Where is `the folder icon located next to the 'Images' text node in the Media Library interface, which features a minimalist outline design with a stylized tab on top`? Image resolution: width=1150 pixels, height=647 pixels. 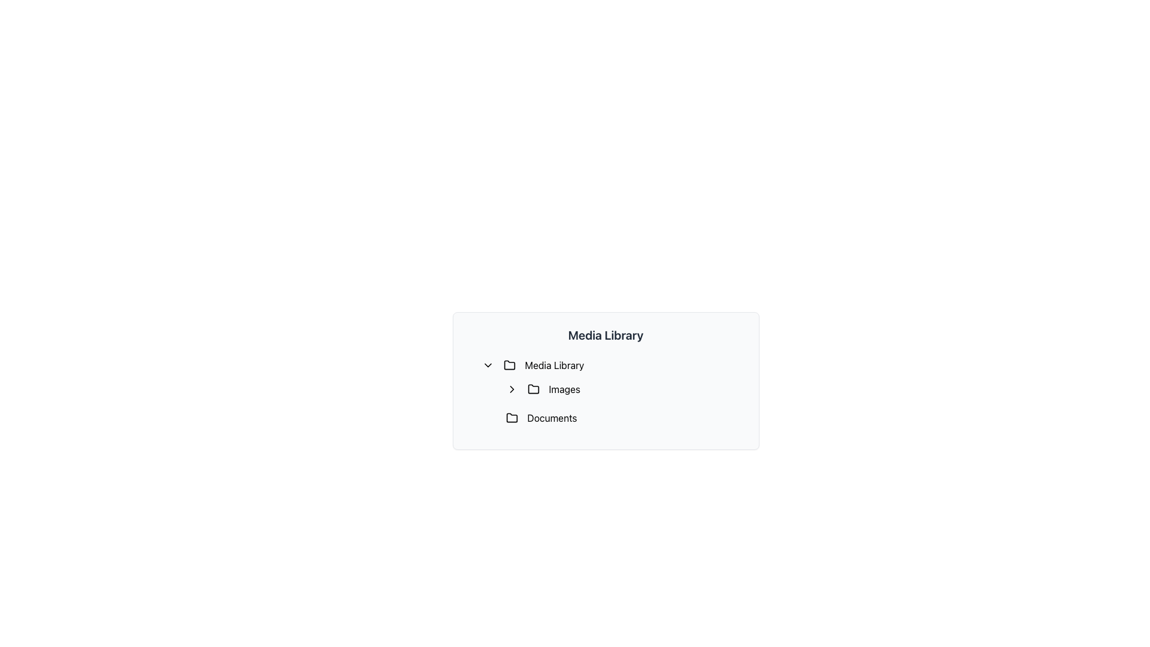 the folder icon located next to the 'Images' text node in the Media Library interface, which features a minimalist outline design with a stylized tab on top is located at coordinates (532, 389).